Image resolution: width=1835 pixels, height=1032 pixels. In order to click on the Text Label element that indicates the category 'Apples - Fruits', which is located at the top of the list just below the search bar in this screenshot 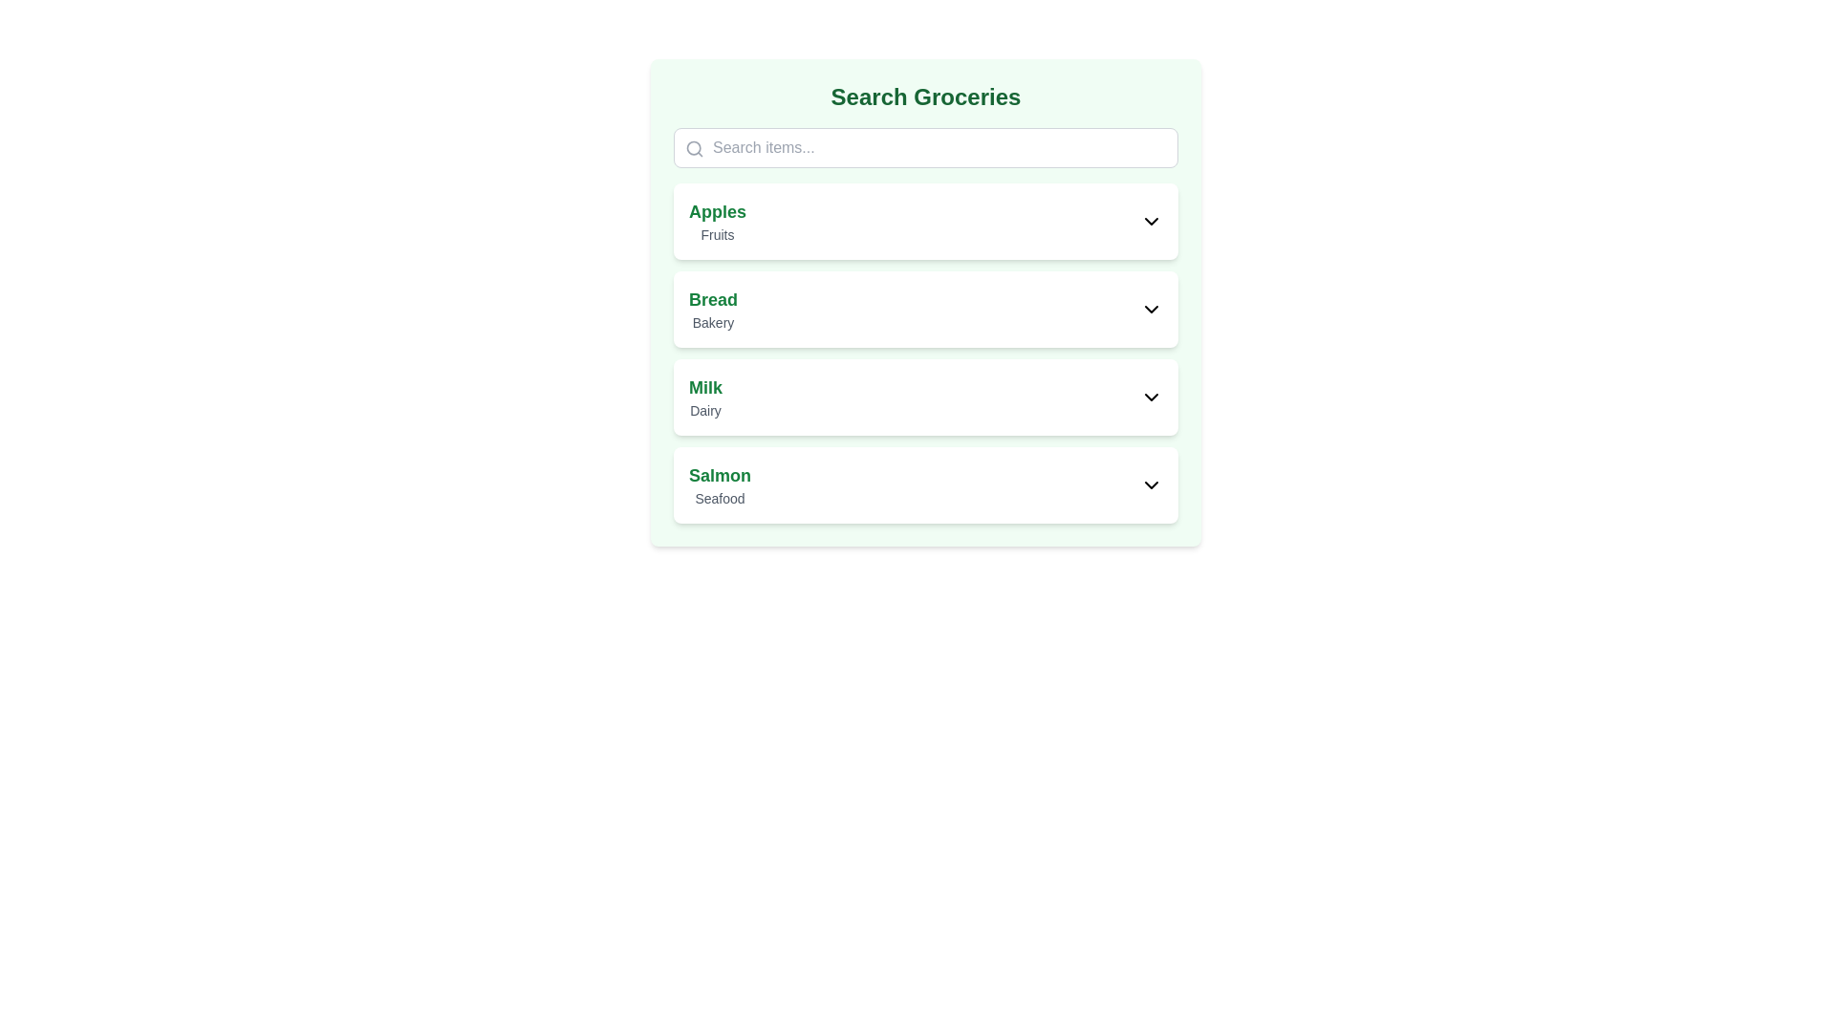, I will do `click(717, 220)`.